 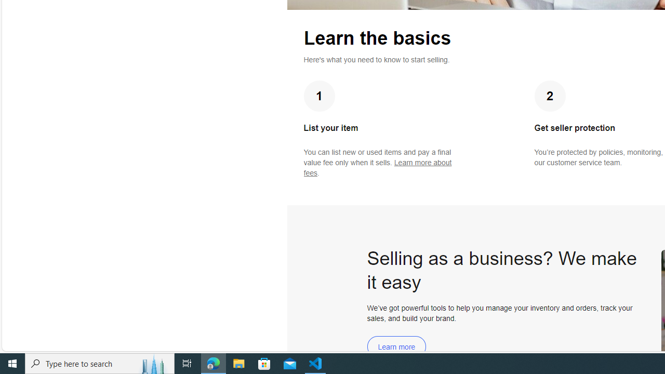 What do you see at coordinates (377, 167) in the screenshot?
I see `'Learn more about fees - opens in new window or tab.'` at bounding box center [377, 167].